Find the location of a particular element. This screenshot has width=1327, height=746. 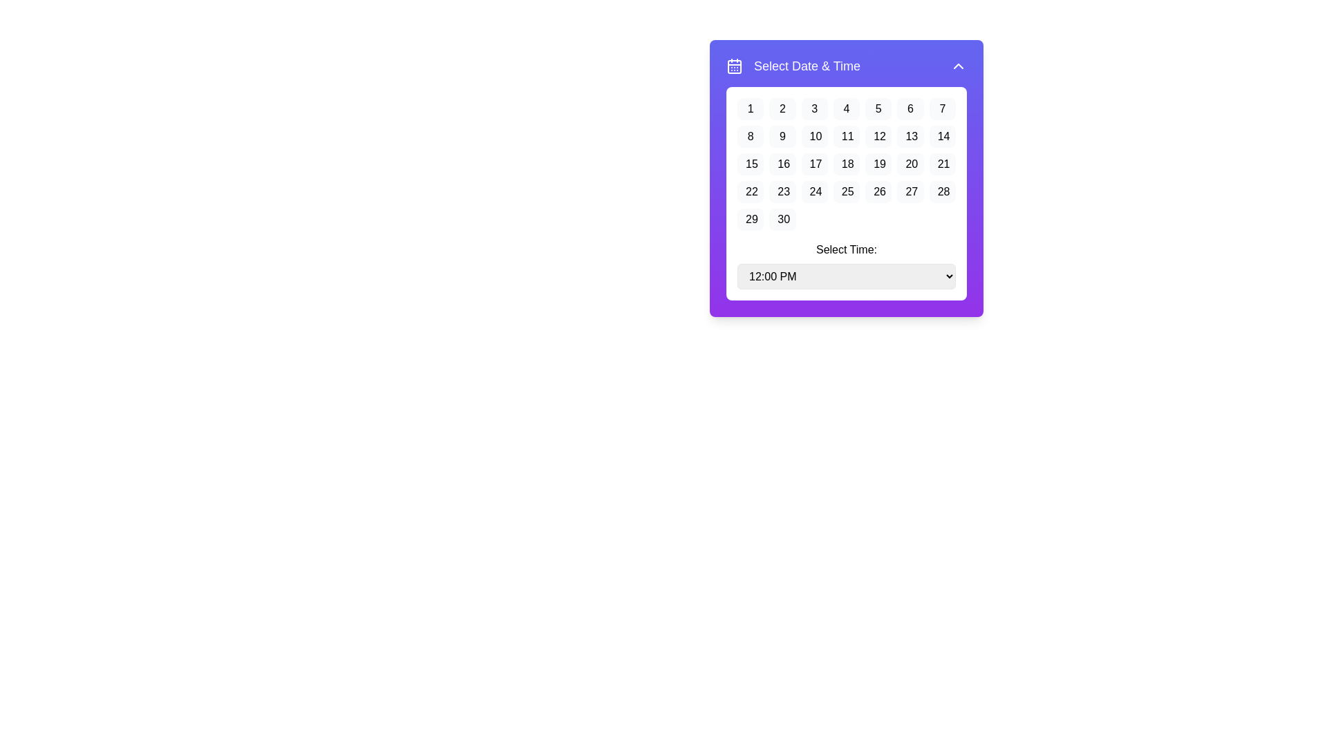

the rectangular button displaying the number '7' in black text on a light gray background within the 'Select Date & Time' modal is located at coordinates (941, 108).